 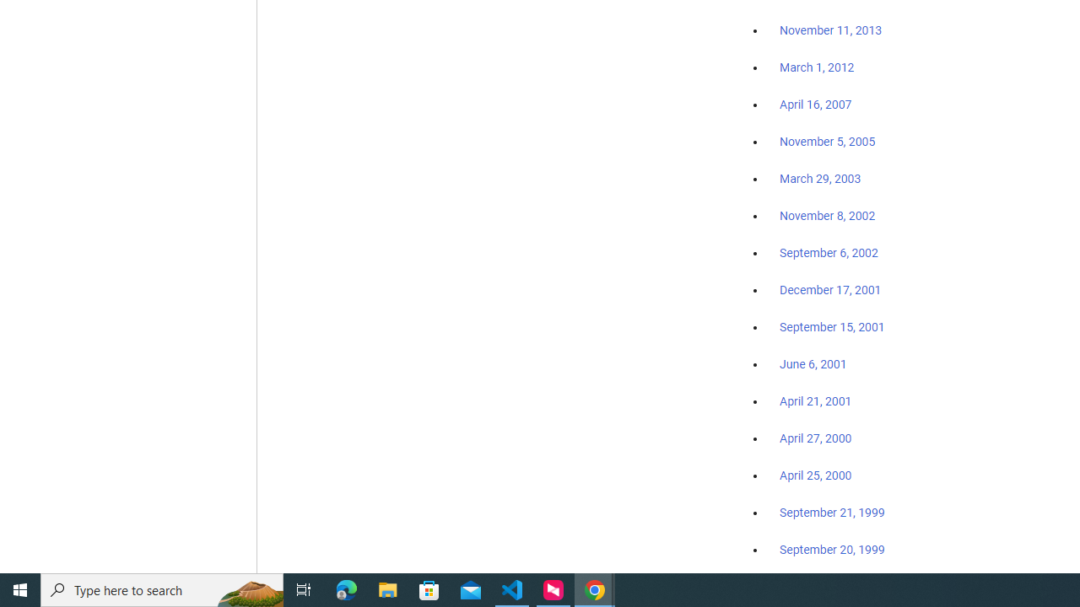 What do you see at coordinates (828, 141) in the screenshot?
I see `'November 5, 2005'` at bounding box center [828, 141].